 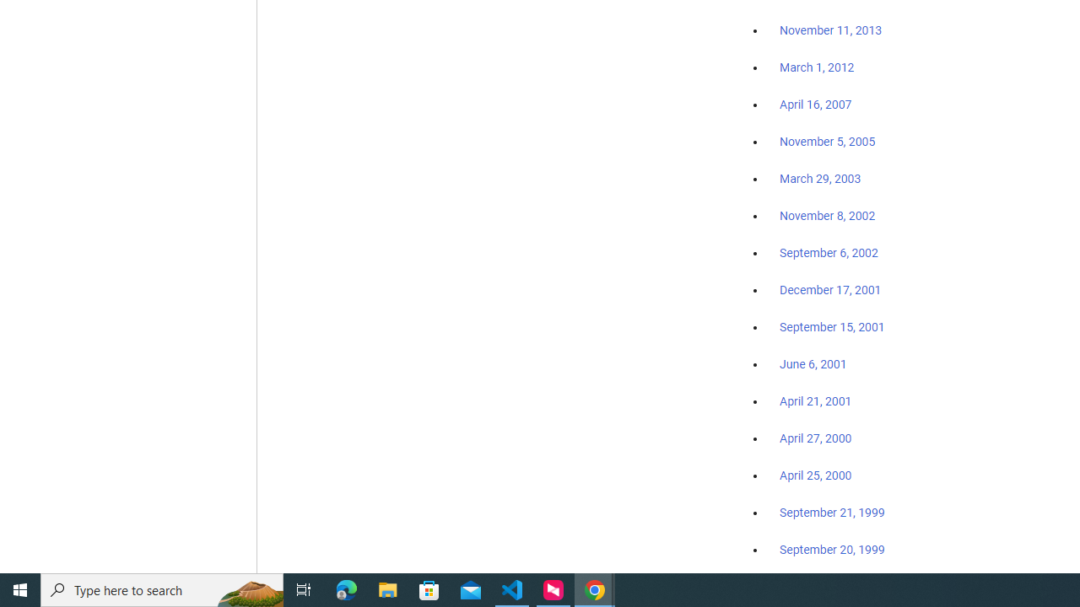 What do you see at coordinates (828, 141) in the screenshot?
I see `'November 5, 2005'` at bounding box center [828, 141].